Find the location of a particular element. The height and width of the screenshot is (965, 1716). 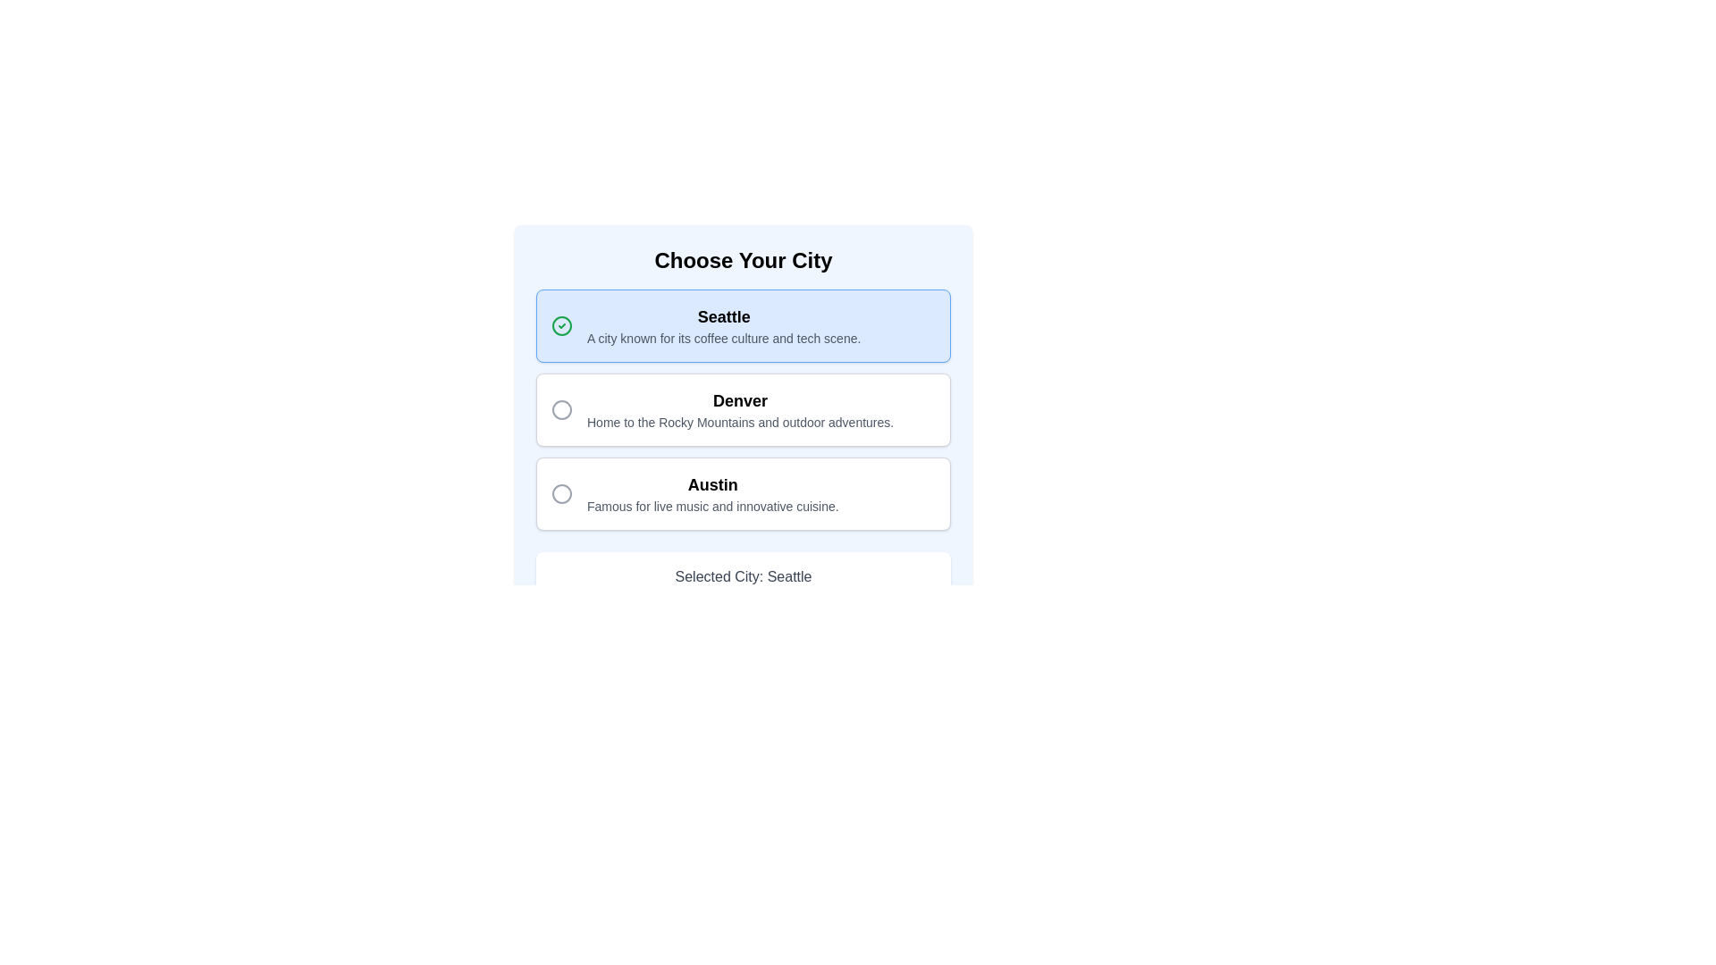

the radio button associated with the city 'Austin', which is located within the card below 'Denver' and above the 'Selected City' section is located at coordinates (711, 493).